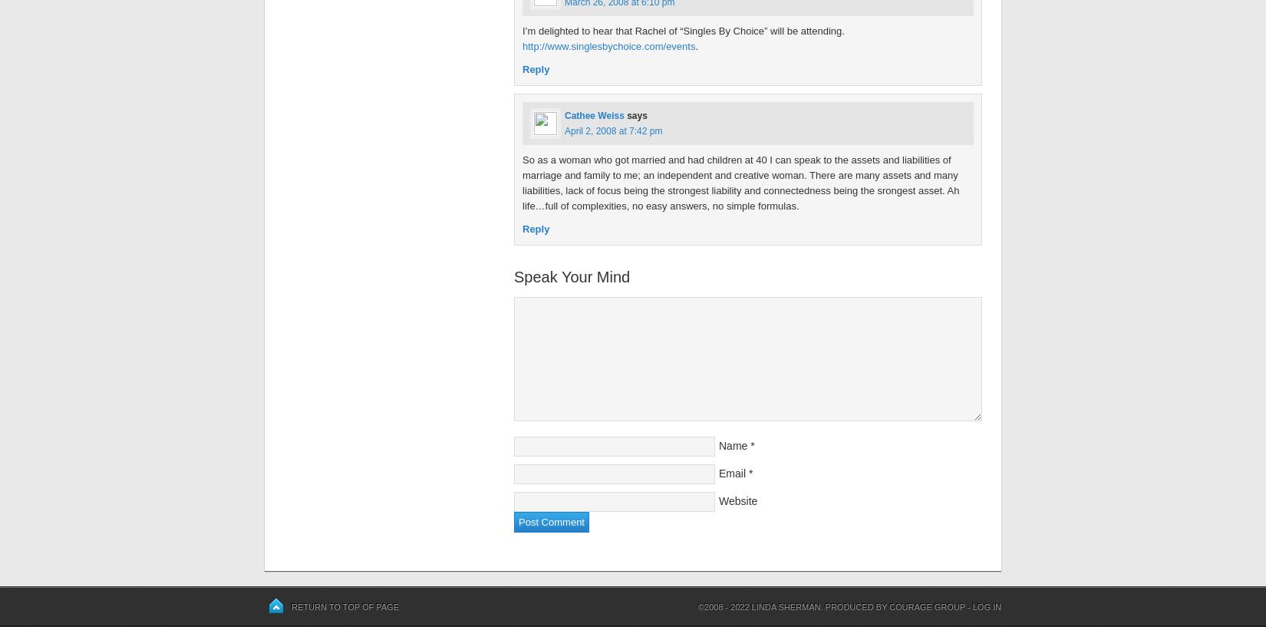 This screenshot has width=1266, height=627. What do you see at coordinates (695, 45) in the screenshot?
I see `'.'` at bounding box center [695, 45].